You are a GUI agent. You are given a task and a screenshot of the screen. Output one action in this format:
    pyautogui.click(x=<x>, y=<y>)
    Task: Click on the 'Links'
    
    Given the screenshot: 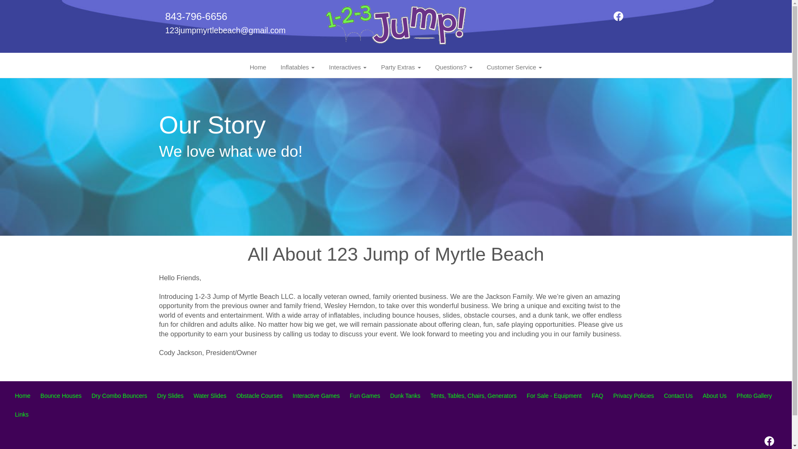 What is the action you would take?
    pyautogui.click(x=22, y=414)
    